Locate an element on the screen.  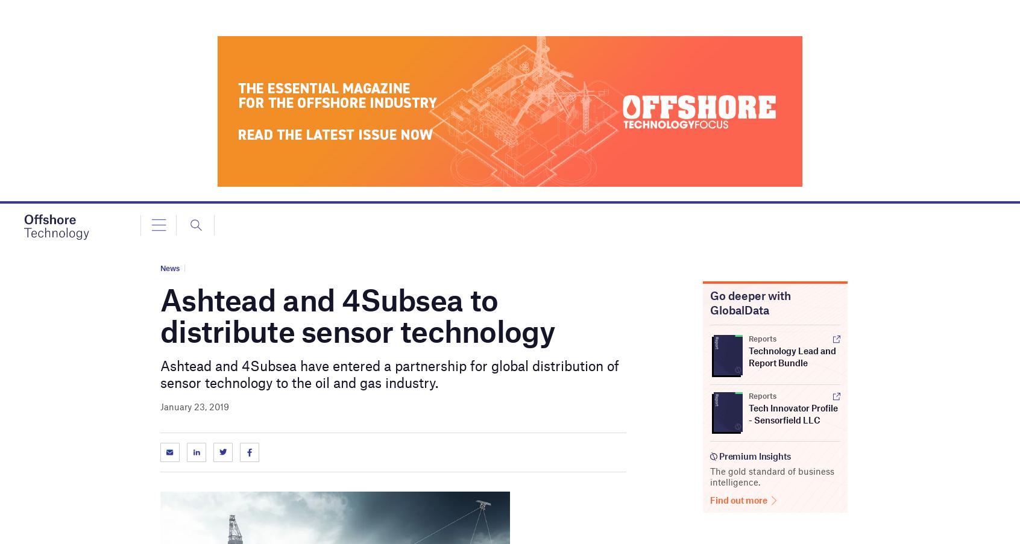
'Partner Content' is located at coordinates (66, 237).